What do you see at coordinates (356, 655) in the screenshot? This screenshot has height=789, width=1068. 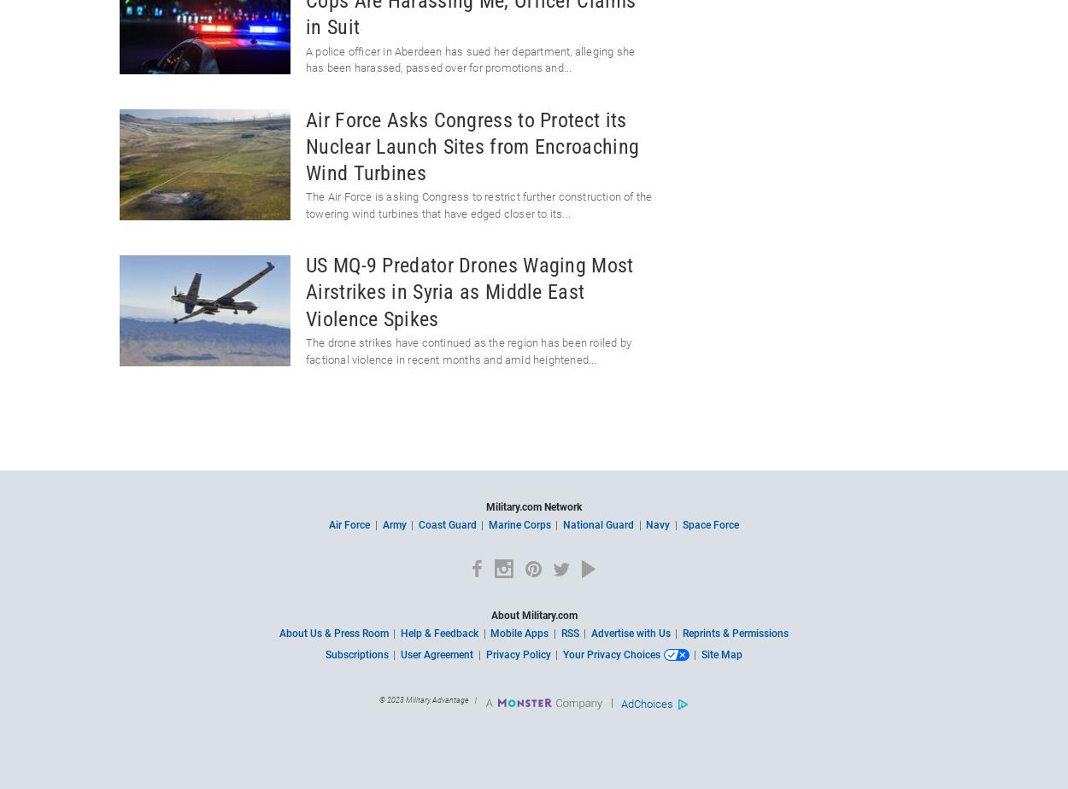 I see `'Subscriptions'` at bounding box center [356, 655].